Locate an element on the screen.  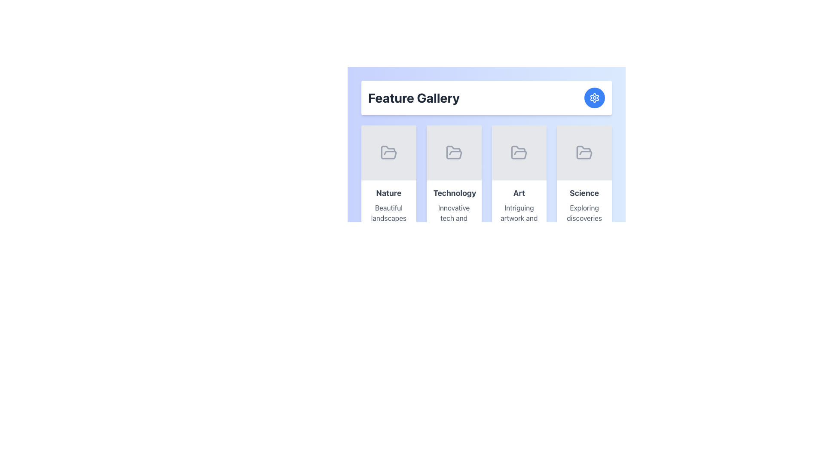
the settings button with an icon located on the right side of the 'Feature Gallery' panel is located at coordinates (594, 97).